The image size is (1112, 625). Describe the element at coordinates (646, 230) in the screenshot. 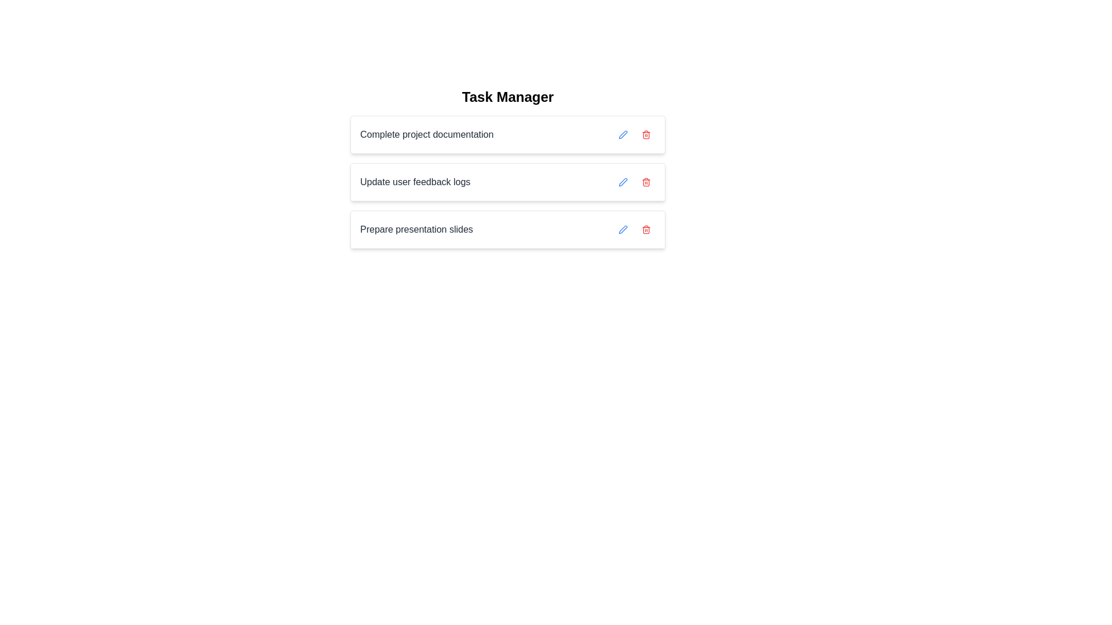

I see `the delete icon button located to the far right of the list item labeled 'Update user feedback logs'` at that location.